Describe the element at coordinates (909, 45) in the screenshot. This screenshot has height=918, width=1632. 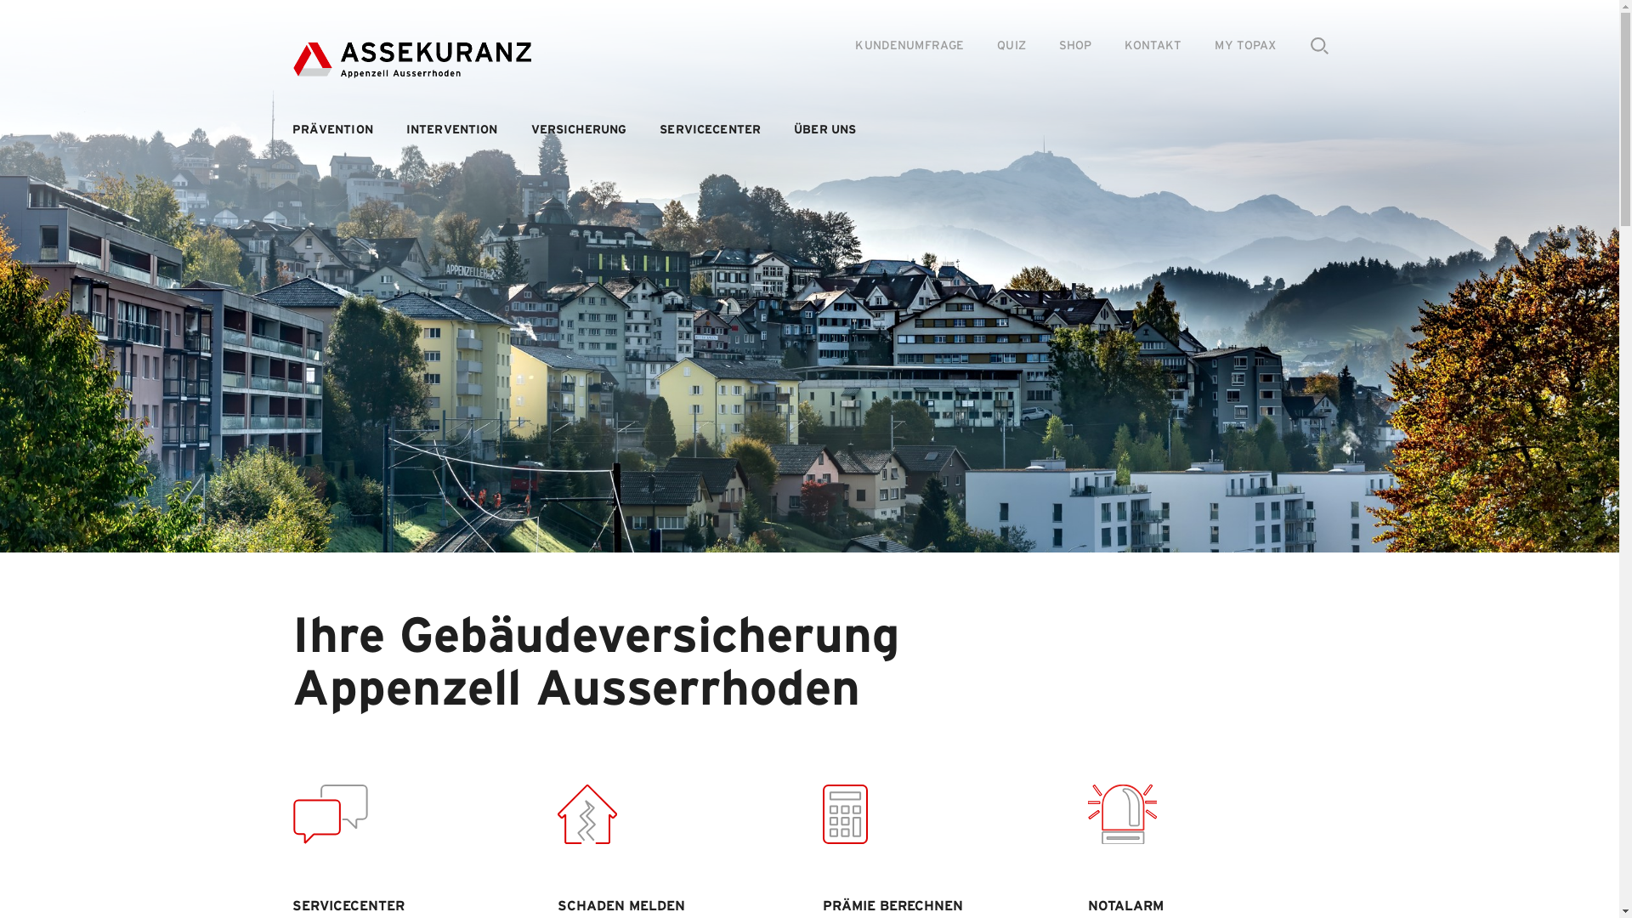
I see `'KUNDENUMFRAGE'` at that location.